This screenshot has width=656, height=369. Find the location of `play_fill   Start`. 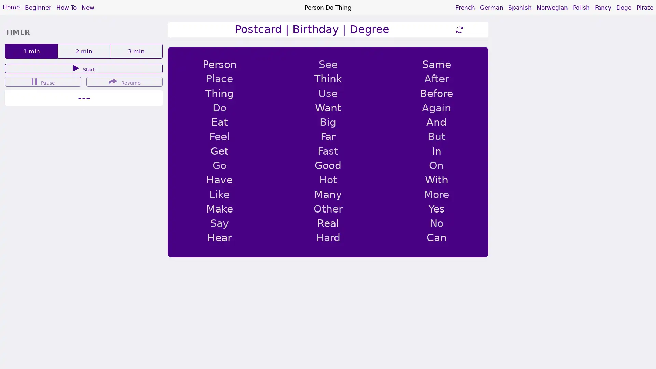

play_fill   Start is located at coordinates (83, 68).